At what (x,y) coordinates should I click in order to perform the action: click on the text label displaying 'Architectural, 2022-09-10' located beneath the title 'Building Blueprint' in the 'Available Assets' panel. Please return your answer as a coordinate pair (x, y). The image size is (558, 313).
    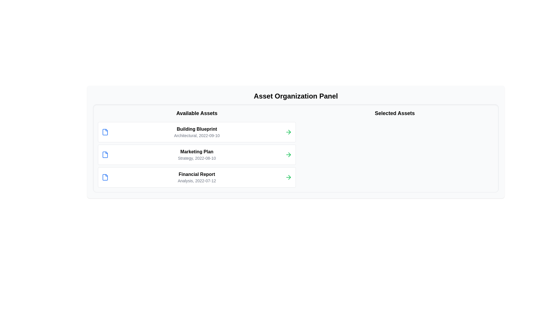
    Looking at the image, I should click on (197, 135).